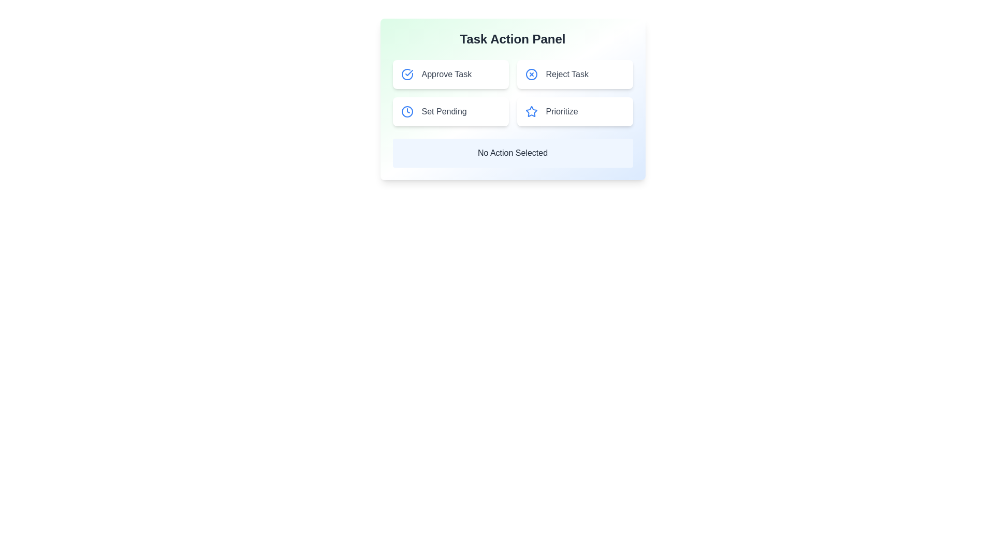 This screenshot has width=994, height=559. I want to click on the task approval icon located within the 'Approve Task' button in the top-left section of the interface, so click(408, 72).